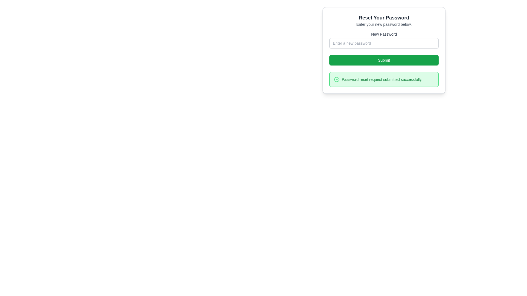 Image resolution: width=527 pixels, height=296 pixels. What do you see at coordinates (383, 79) in the screenshot?
I see `text content of the confirmation message that states 'Password reset request submitted successfully.' which is styled in green and located near a green checkmark icon in the alert box at the bottom of the form area` at bounding box center [383, 79].